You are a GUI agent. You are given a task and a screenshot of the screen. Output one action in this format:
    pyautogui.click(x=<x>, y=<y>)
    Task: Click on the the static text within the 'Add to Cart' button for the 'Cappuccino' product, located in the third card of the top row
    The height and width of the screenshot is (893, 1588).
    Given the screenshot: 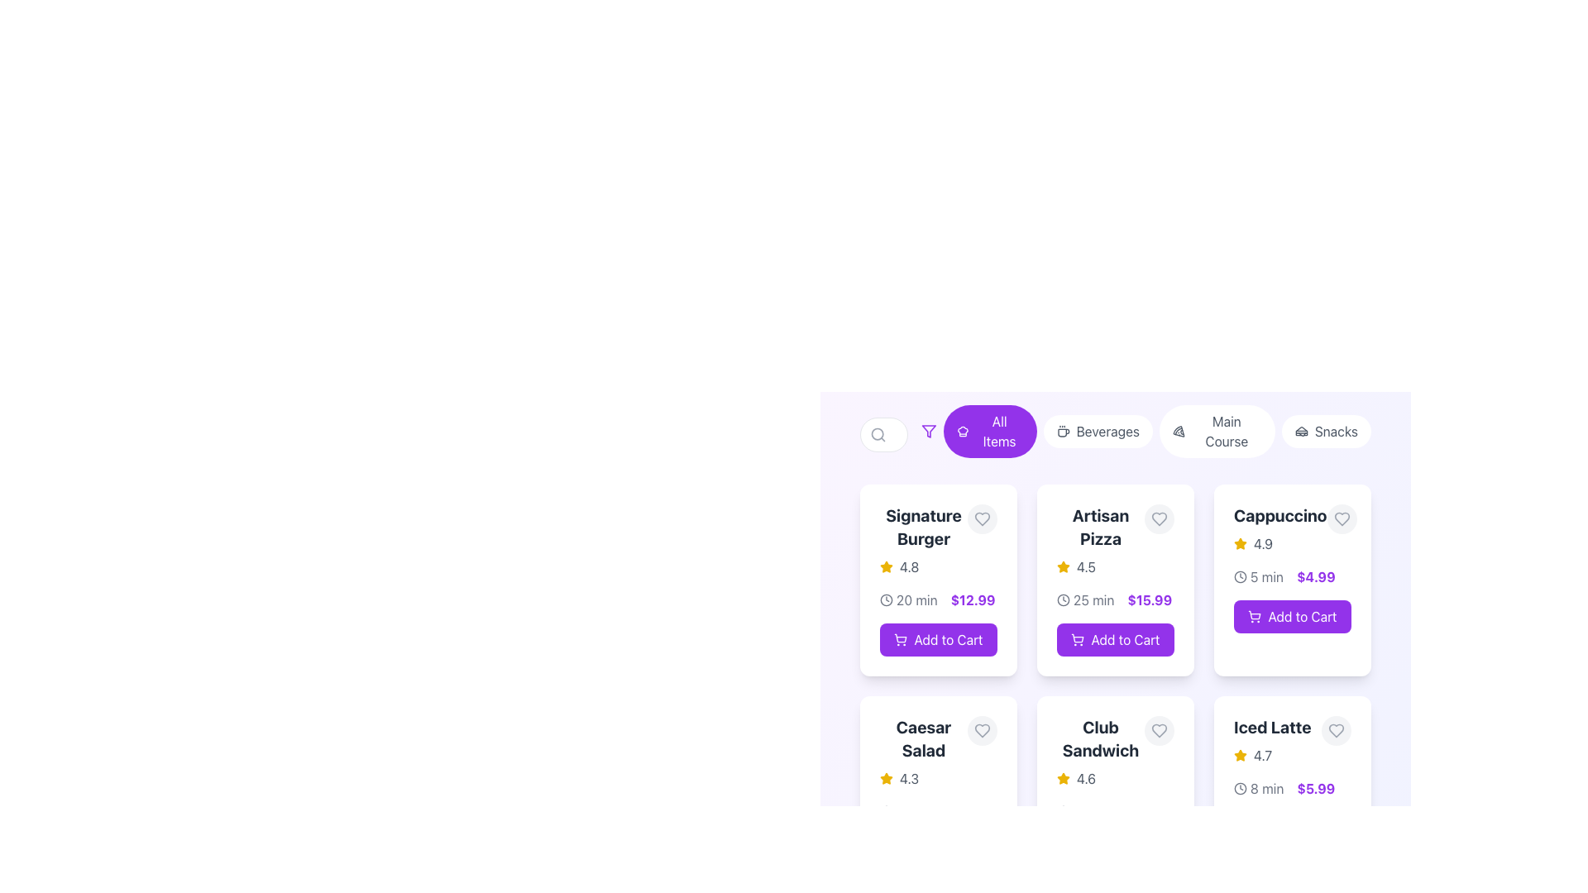 What is the action you would take?
    pyautogui.click(x=1301, y=616)
    